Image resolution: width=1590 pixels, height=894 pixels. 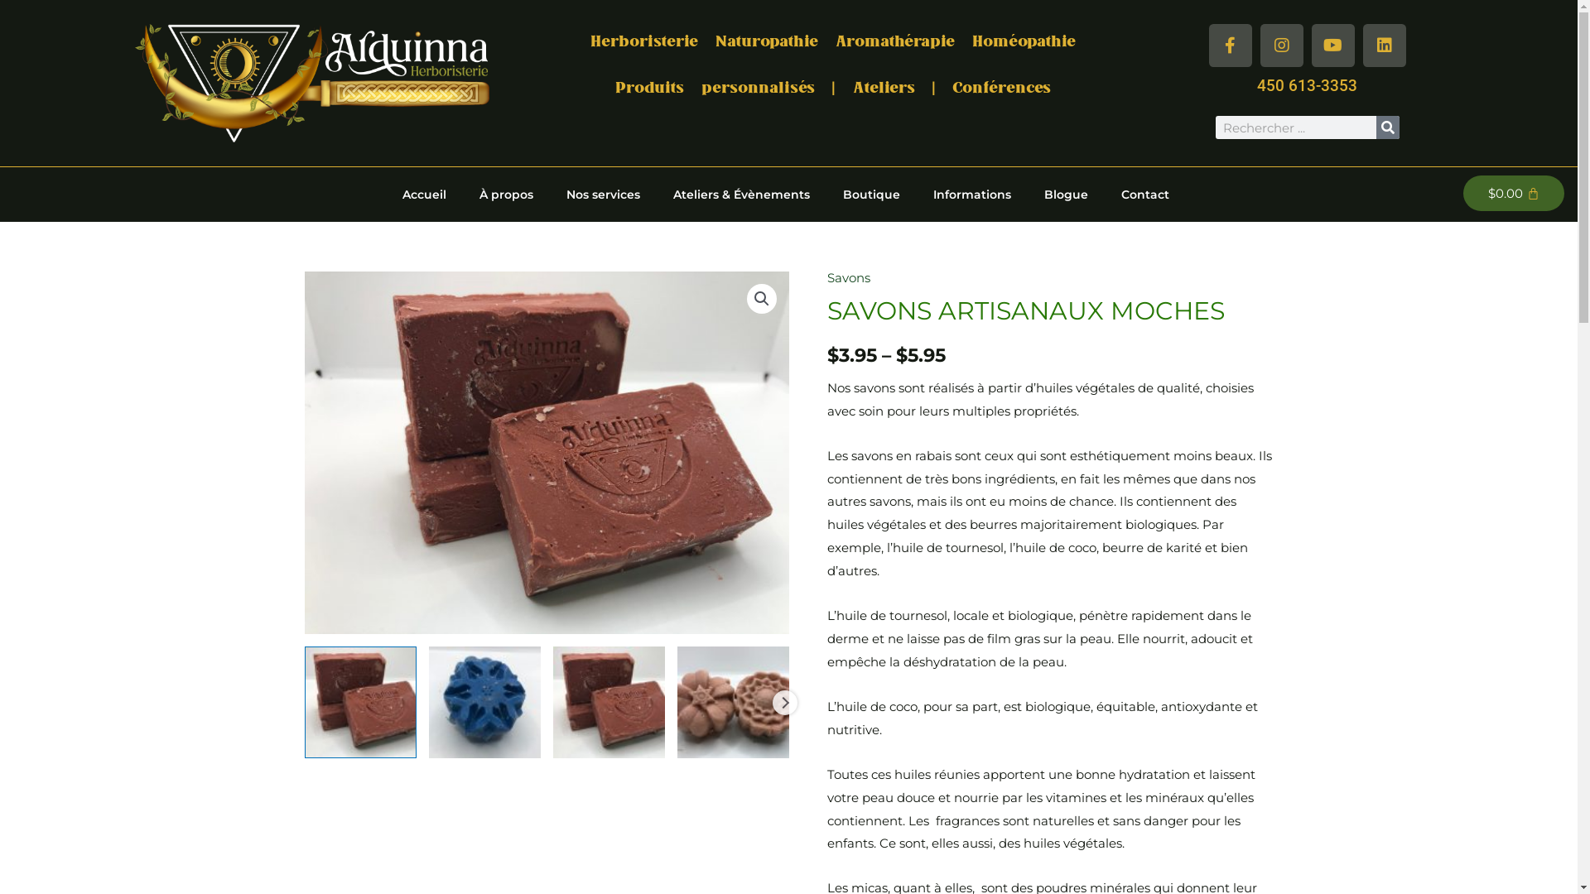 I want to click on 'Accueil', so click(x=424, y=194).